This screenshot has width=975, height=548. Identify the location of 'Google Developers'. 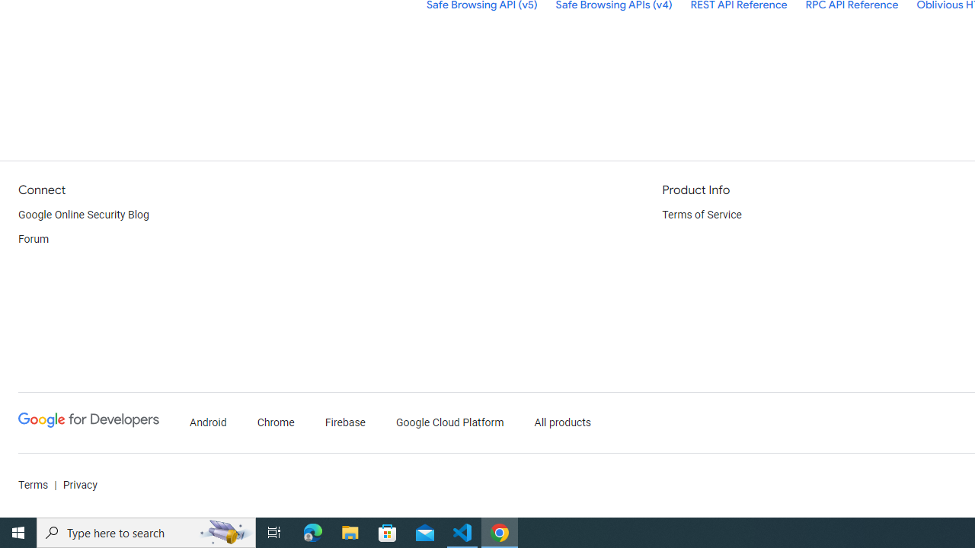
(88, 419).